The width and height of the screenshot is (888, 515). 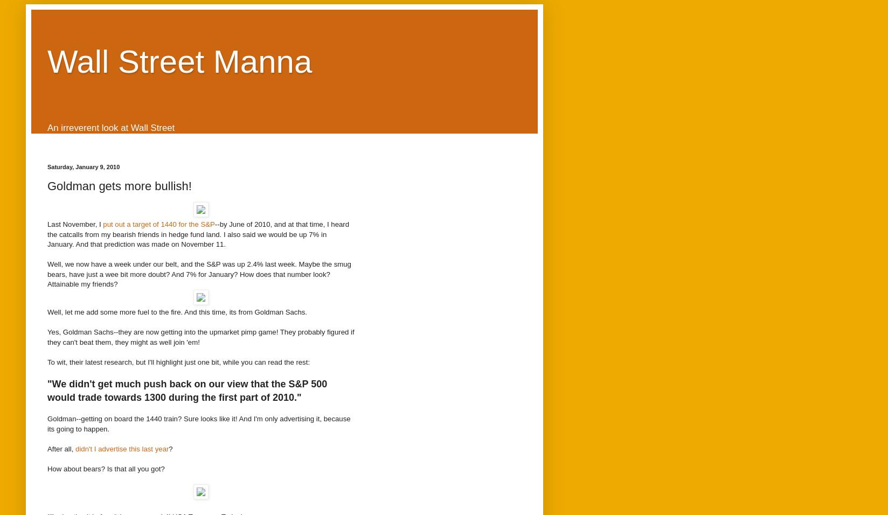 What do you see at coordinates (74, 224) in the screenshot?
I see `'Last November, I'` at bounding box center [74, 224].